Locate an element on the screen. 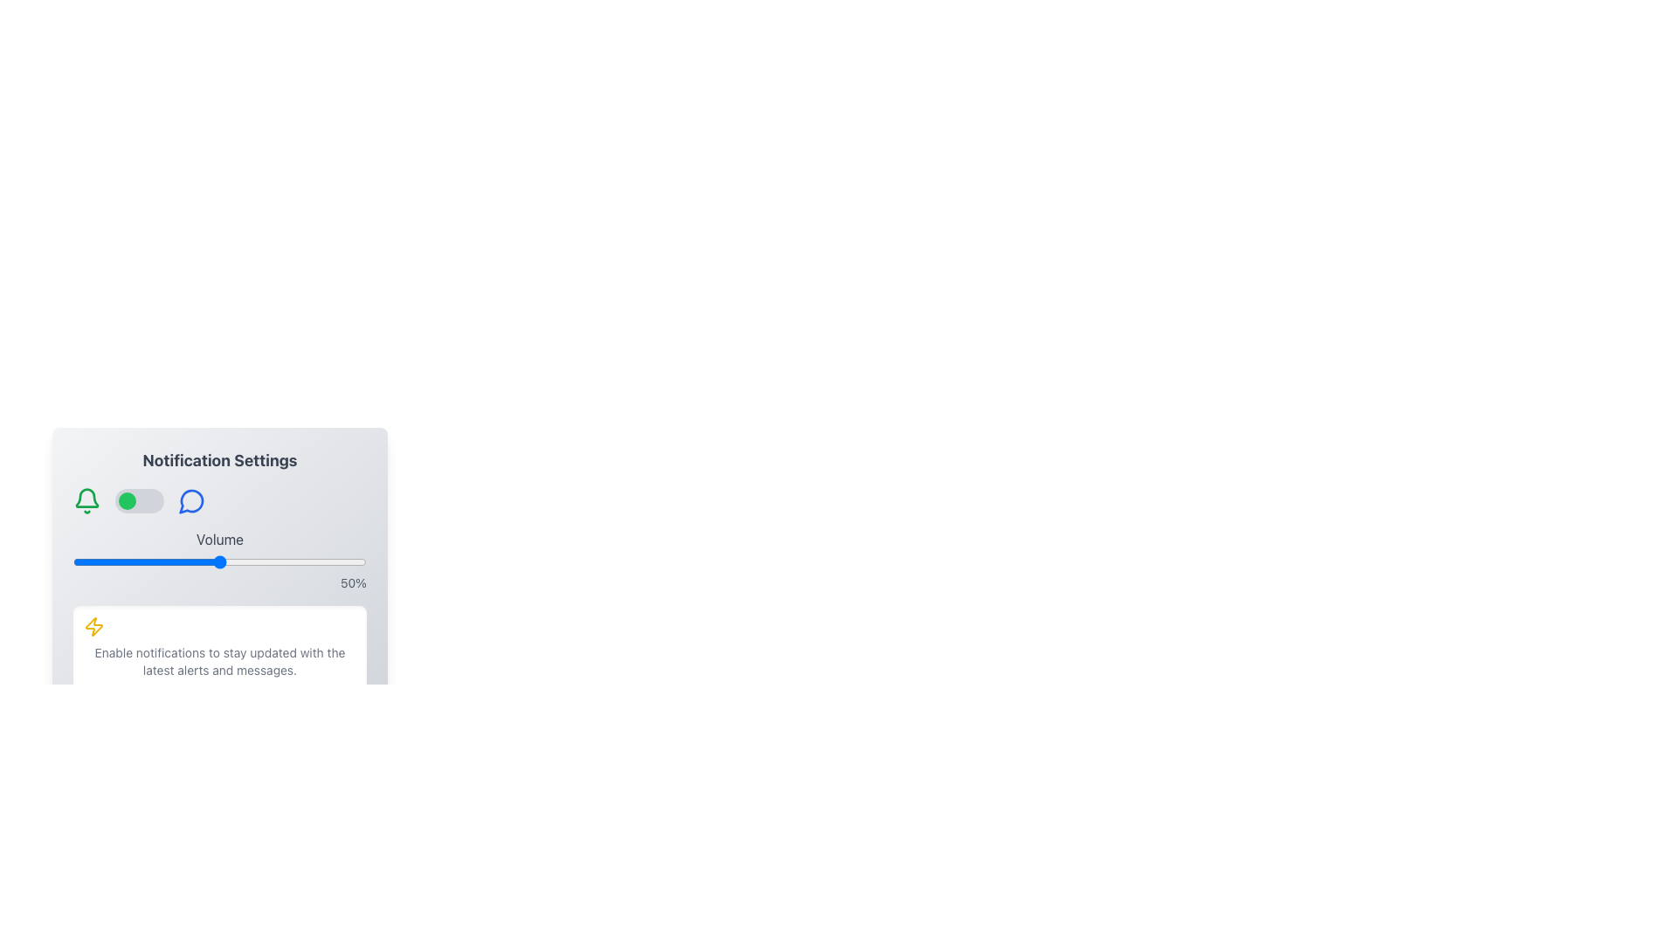  the messaging icon button located in the top row of notification settings controls, to the right of the green toggle and bell icon is located at coordinates (191, 501).